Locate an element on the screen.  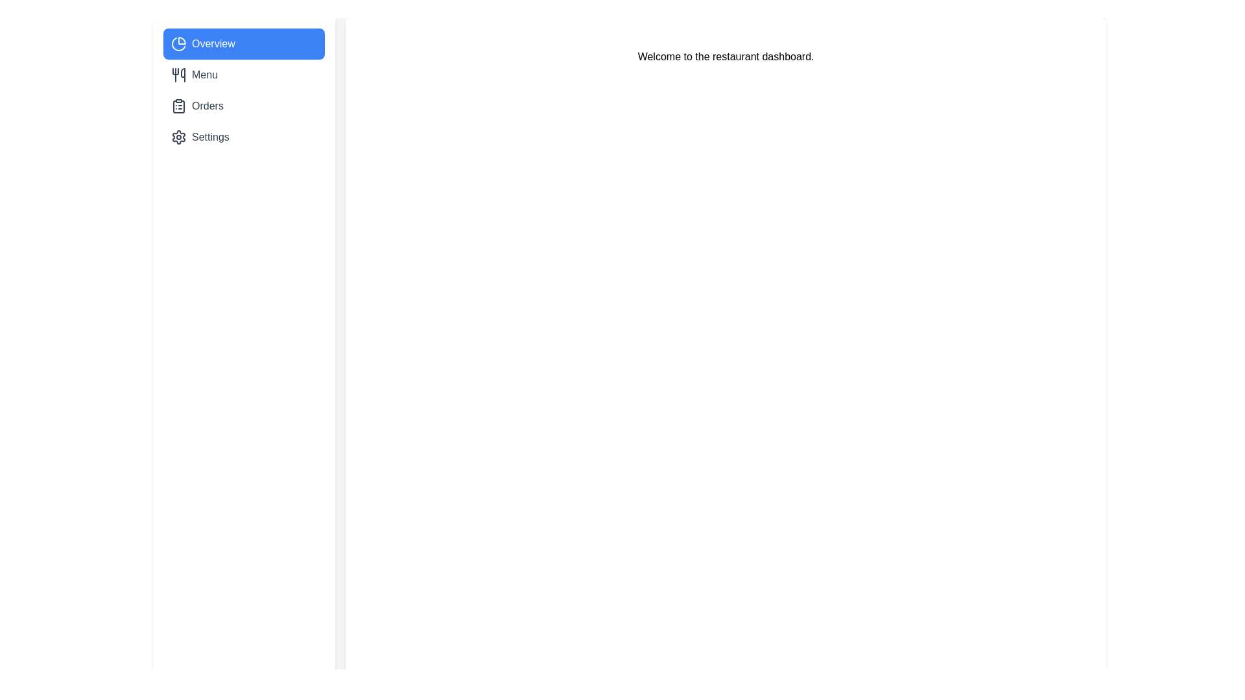
the second button in the vertical navigation menu is located at coordinates (244, 75).